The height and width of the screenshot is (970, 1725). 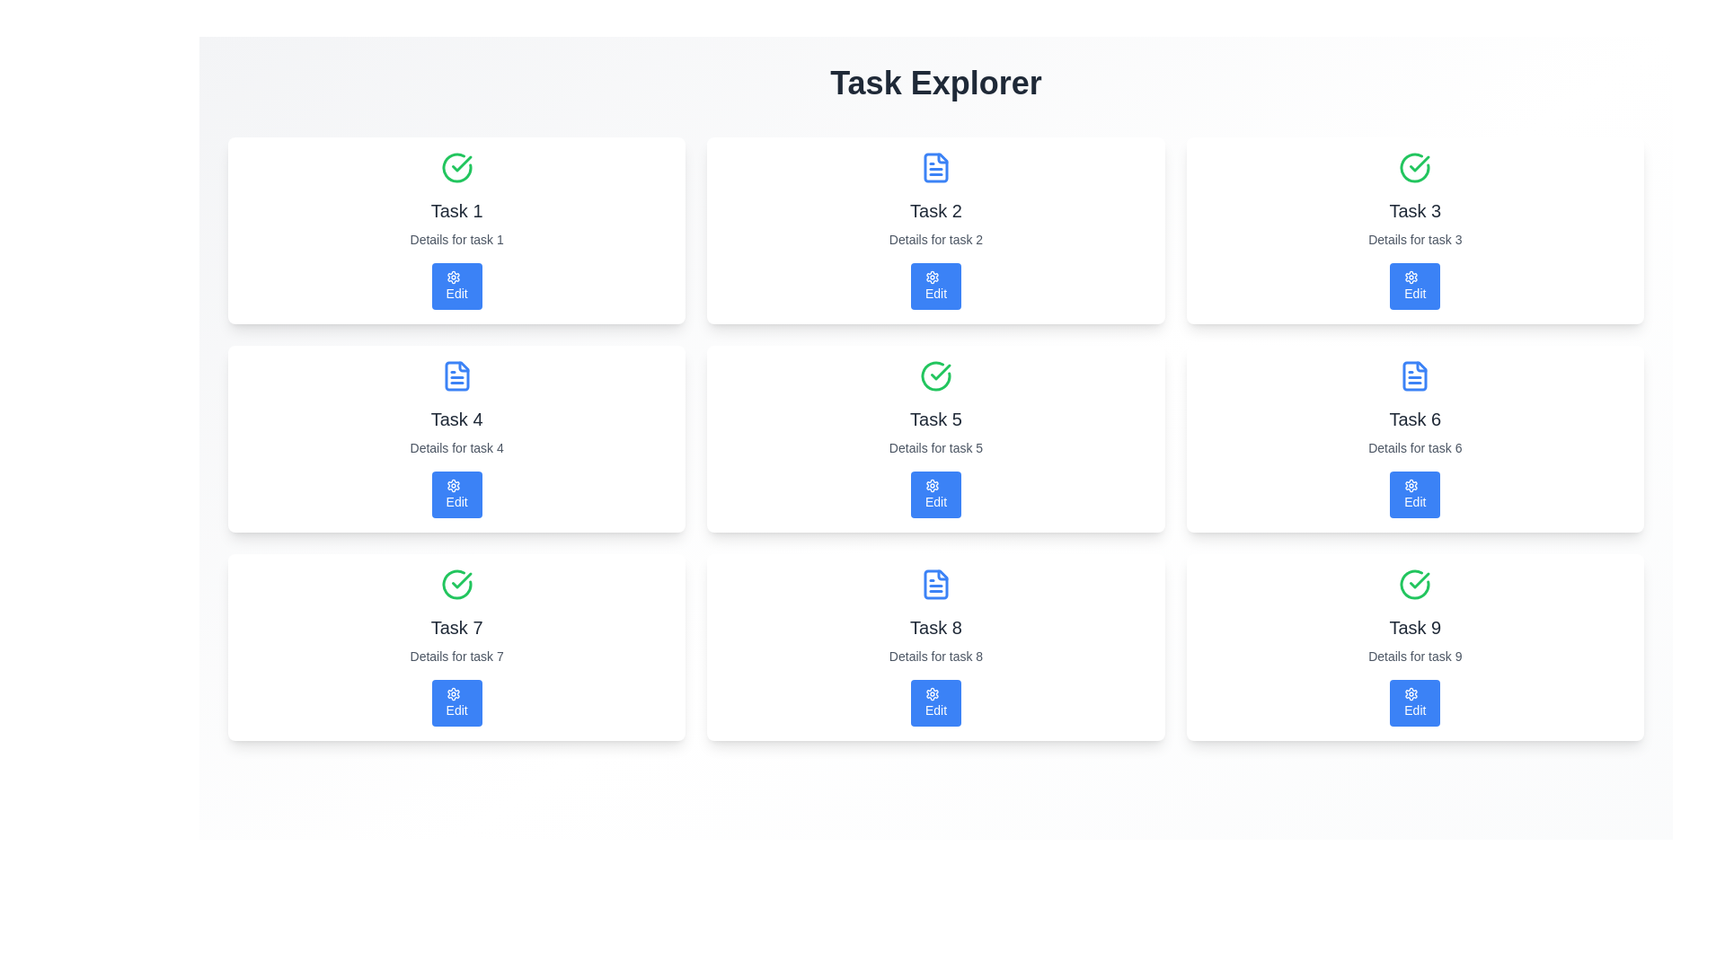 I want to click on the button located in the bottom section of the 'Task 5' card to initiate the task editing process, so click(x=934, y=495).